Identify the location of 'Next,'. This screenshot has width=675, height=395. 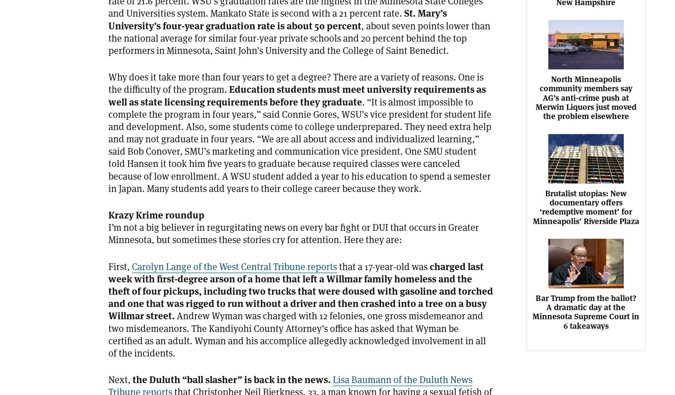
(120, 379).